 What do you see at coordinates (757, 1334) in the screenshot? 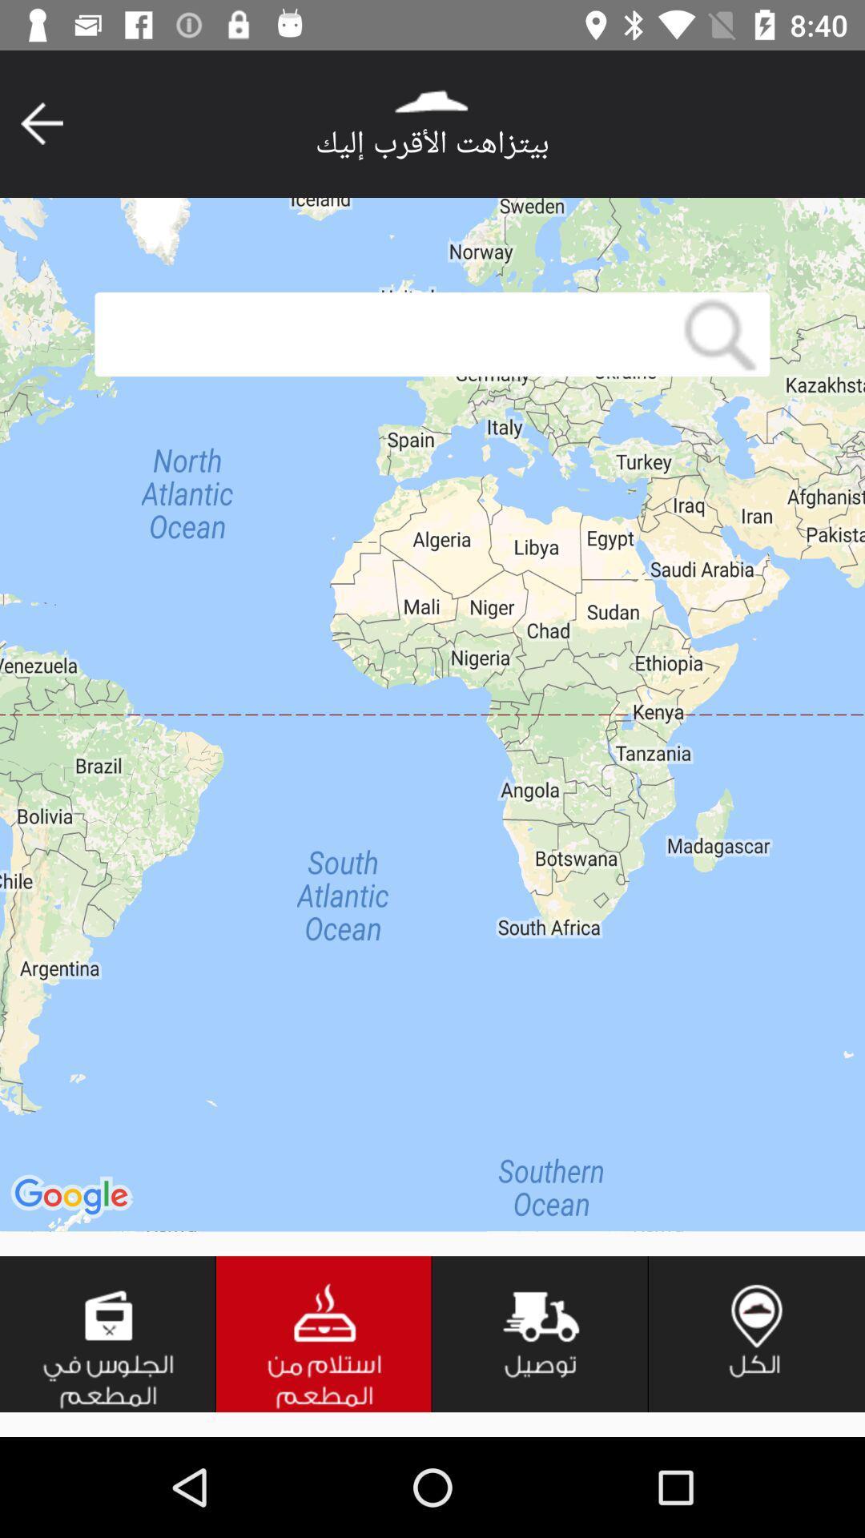
I see `icon at the bottom right corner` at bounding box center [757, 1334].